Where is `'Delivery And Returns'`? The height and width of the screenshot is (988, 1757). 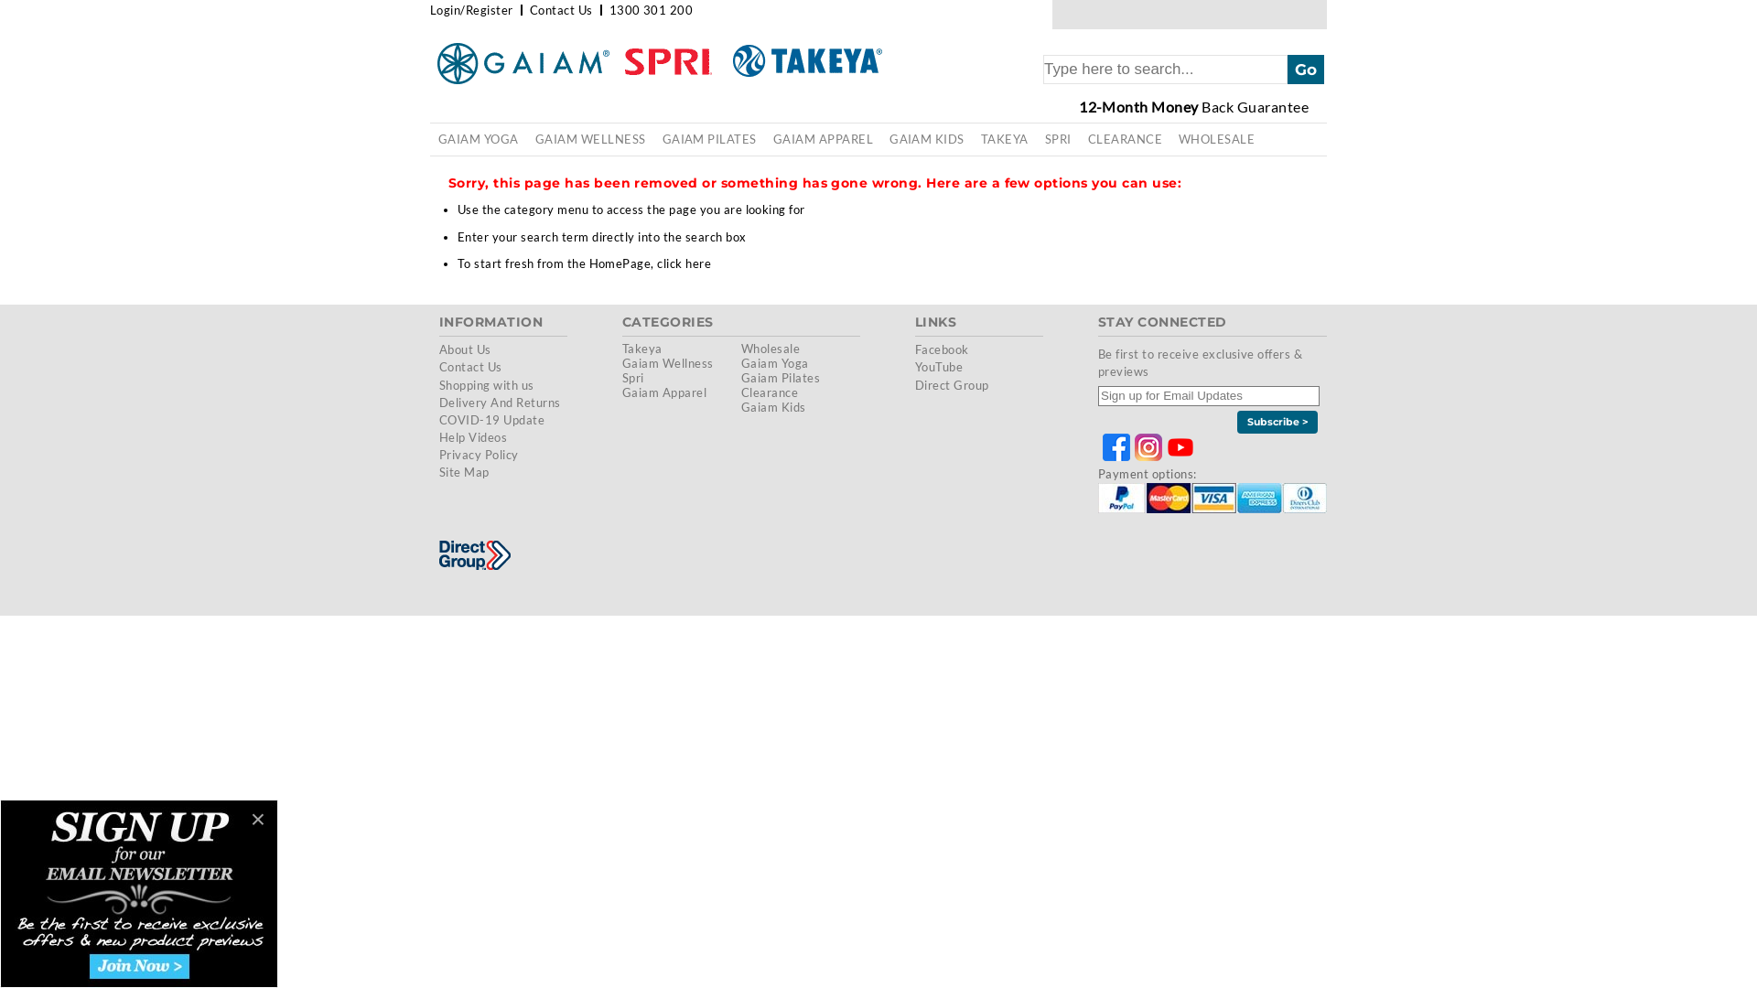
'Delivery And Returns' is located at coordinates (500, 401).